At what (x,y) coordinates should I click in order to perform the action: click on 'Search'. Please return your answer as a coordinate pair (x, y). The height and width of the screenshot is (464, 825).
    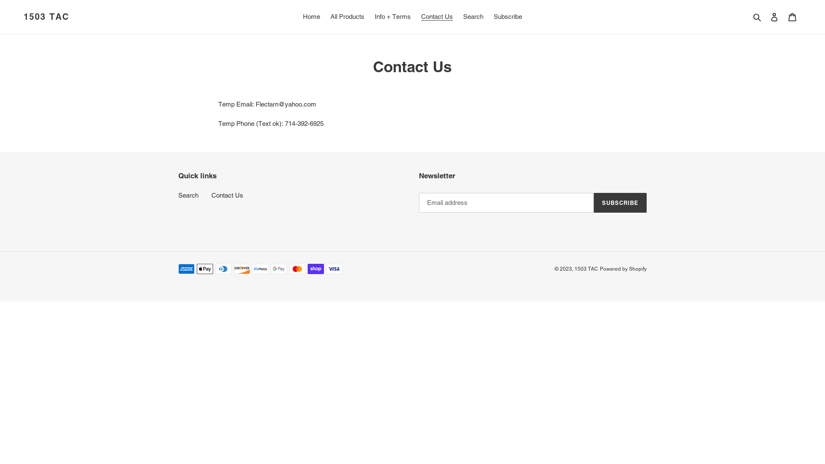
    Looking at the image, I should click on (473, 17).